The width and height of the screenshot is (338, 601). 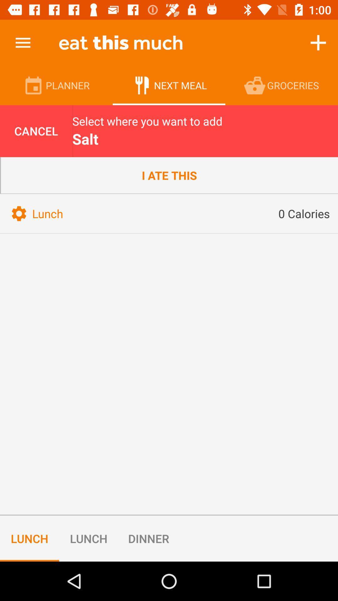 What do you see at coordinates (256, 85) in the screenshot?
I see `the icon at the left side of groceries` at bounding box center [256, 85].